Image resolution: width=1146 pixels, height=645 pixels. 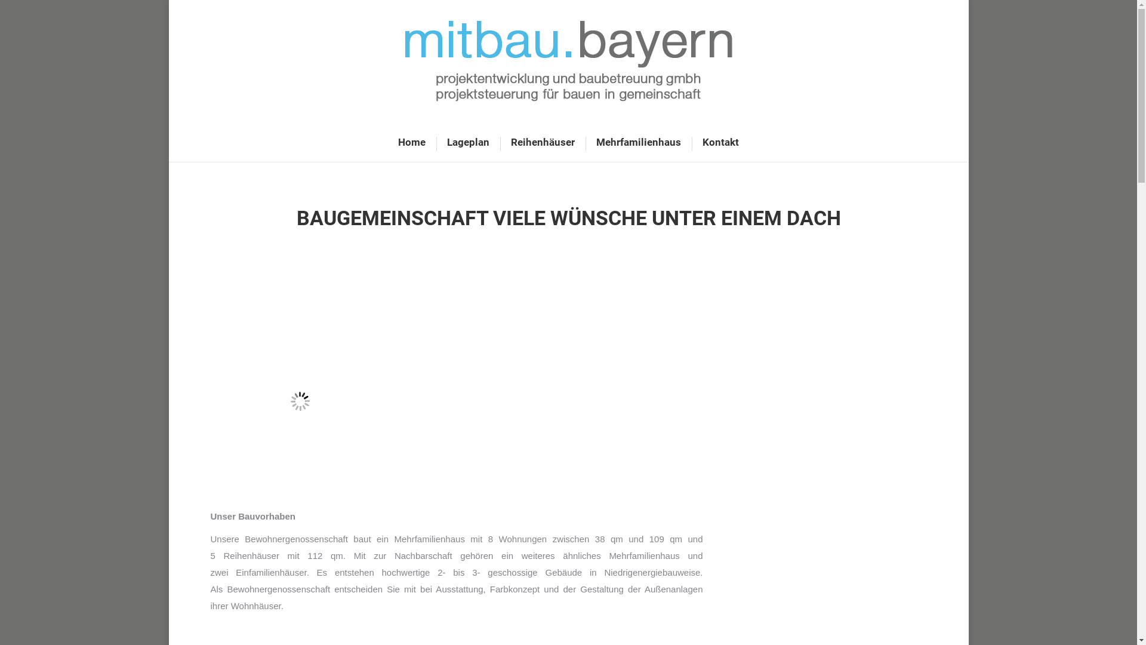 What do you see at coordinates (54, 11) in the screenshot?
I see `'Kommentar abschicken'` at bounding box center [54, 11].